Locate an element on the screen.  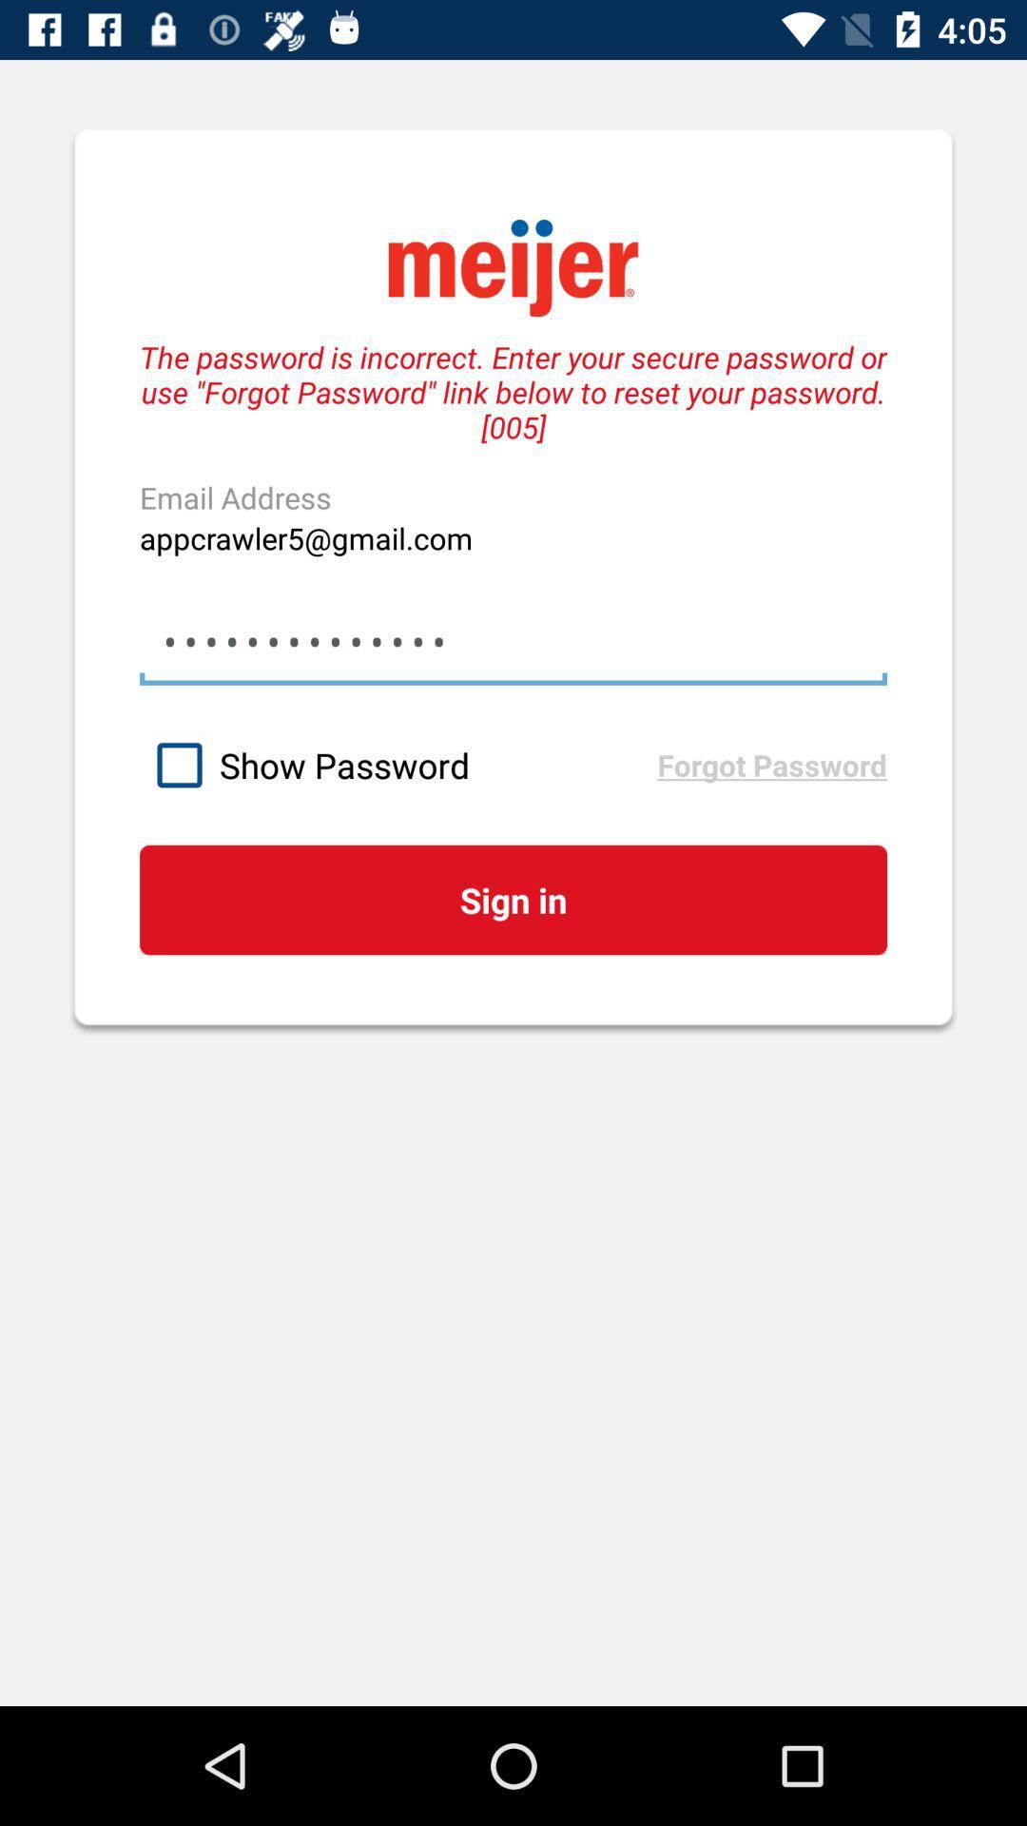
the icon to the left of forgot password item is located at coordinates (397, 765).